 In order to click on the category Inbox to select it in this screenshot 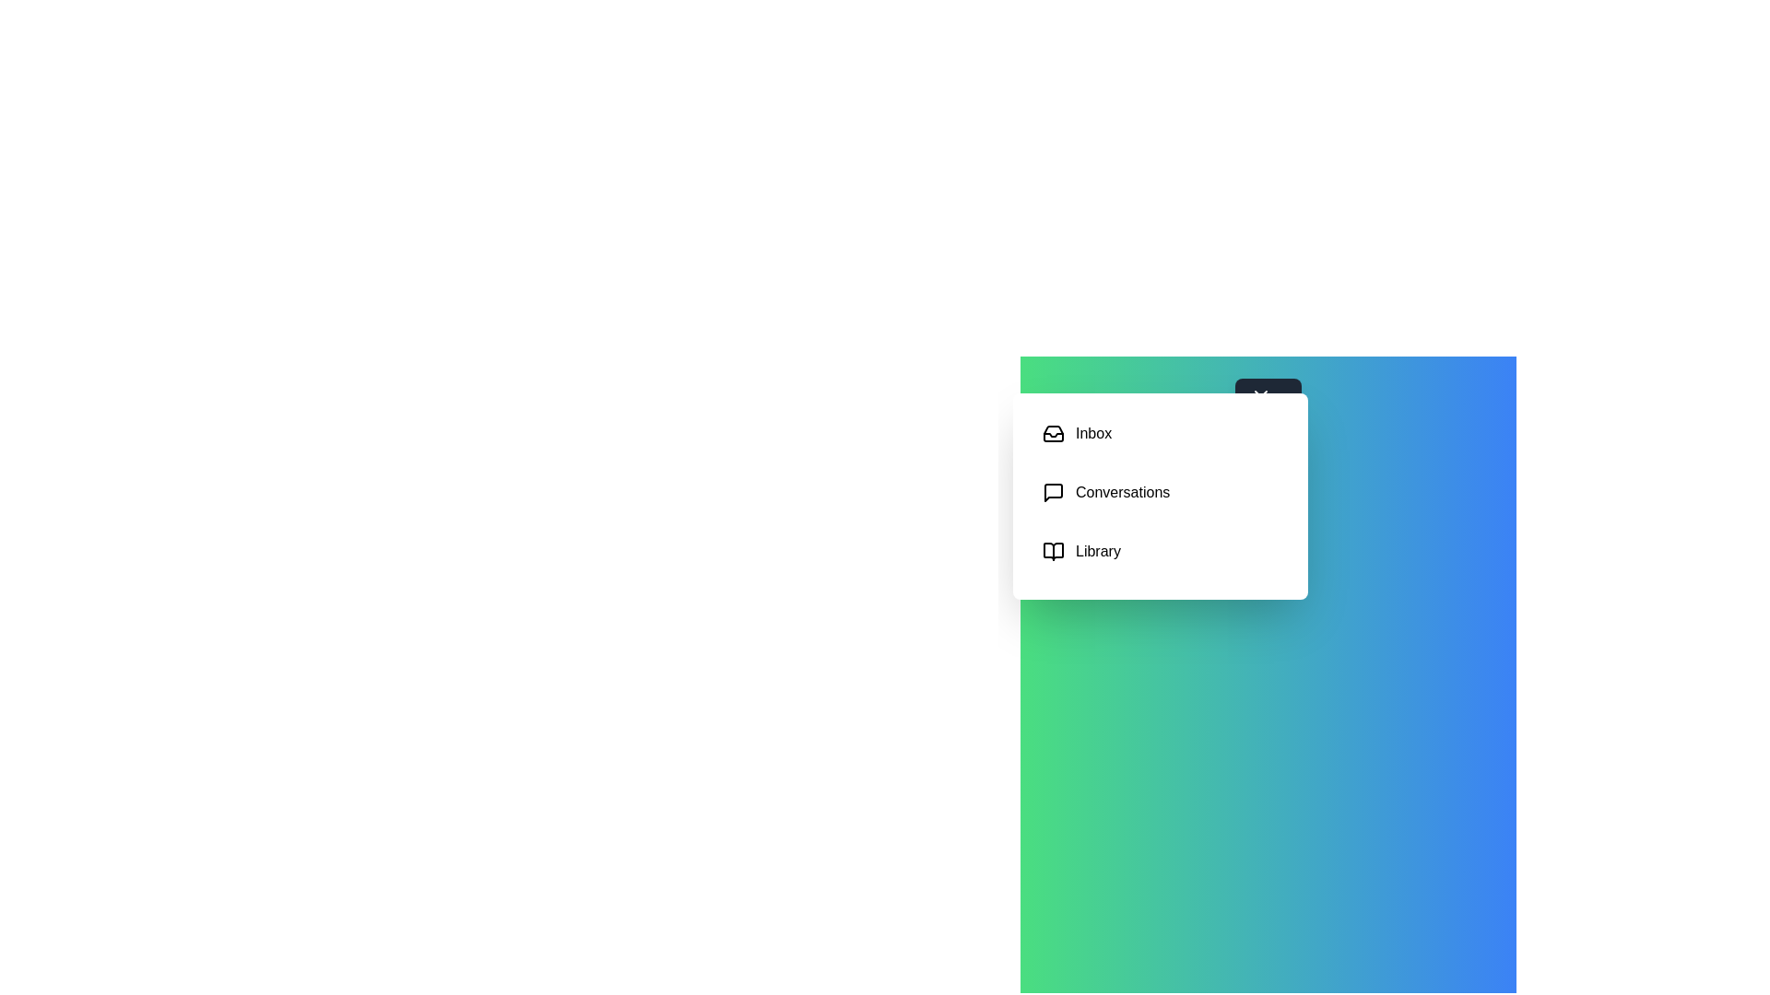, I will do `click(1159, 433)`.